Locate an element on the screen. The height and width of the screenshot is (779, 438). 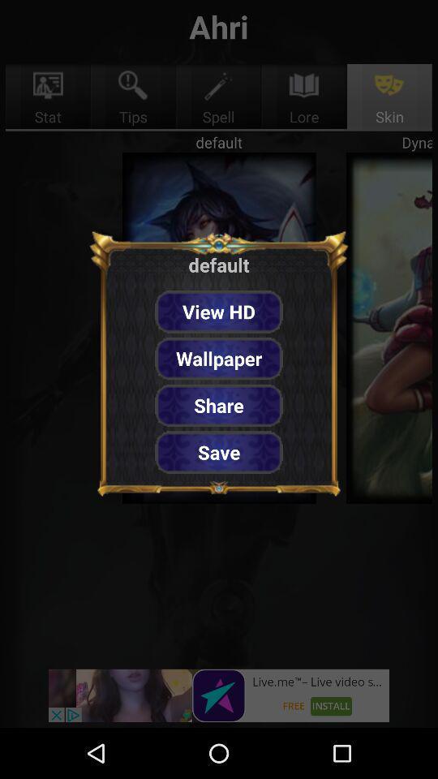
button below wallpaper item is located at coordinates (219, 404).